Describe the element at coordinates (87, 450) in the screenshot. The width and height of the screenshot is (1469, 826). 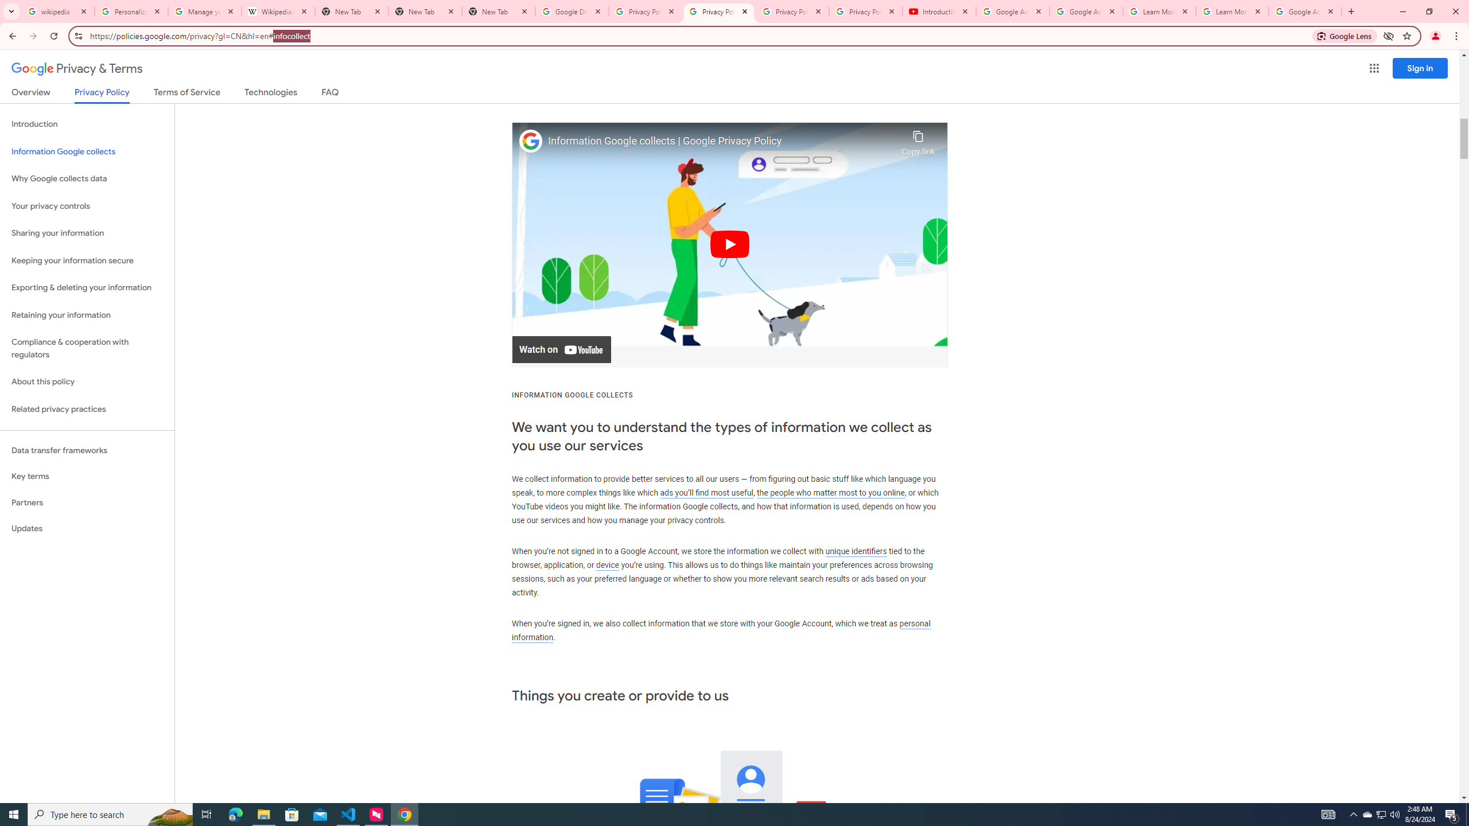
I see `'Data transfer frameworks'` at that location.